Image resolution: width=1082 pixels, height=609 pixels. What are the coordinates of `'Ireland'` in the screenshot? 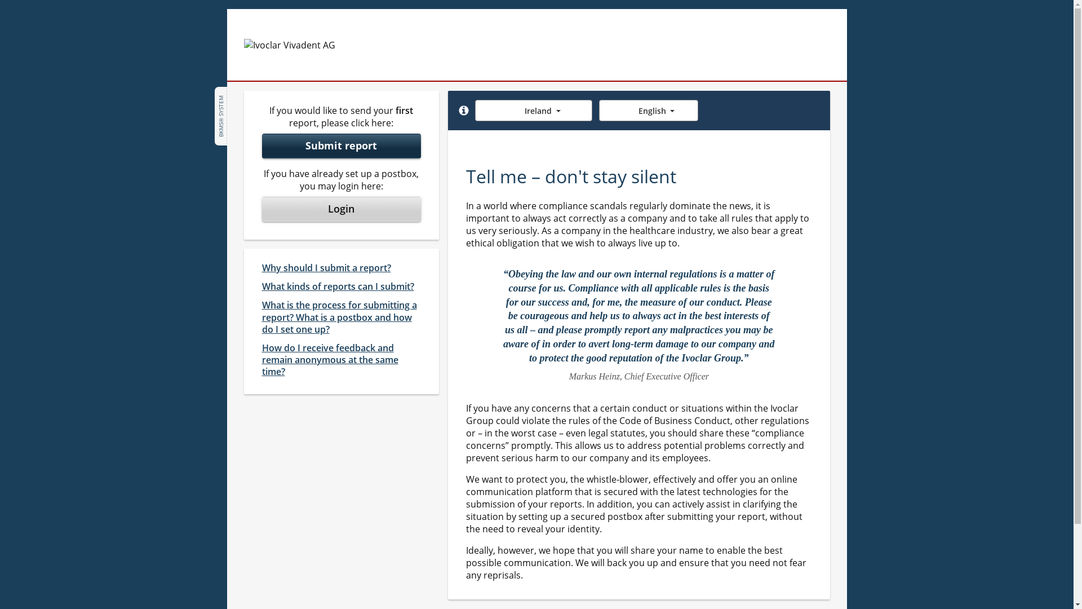 It's located at (475, 111).